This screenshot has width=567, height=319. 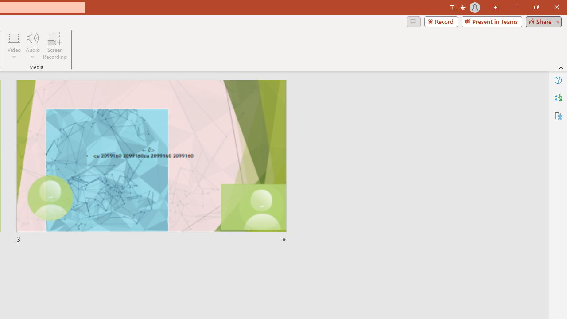 What do you see at coordinates (541, 21) in the screenshot?
I see `'Share'` at bounding box center [541, 21].